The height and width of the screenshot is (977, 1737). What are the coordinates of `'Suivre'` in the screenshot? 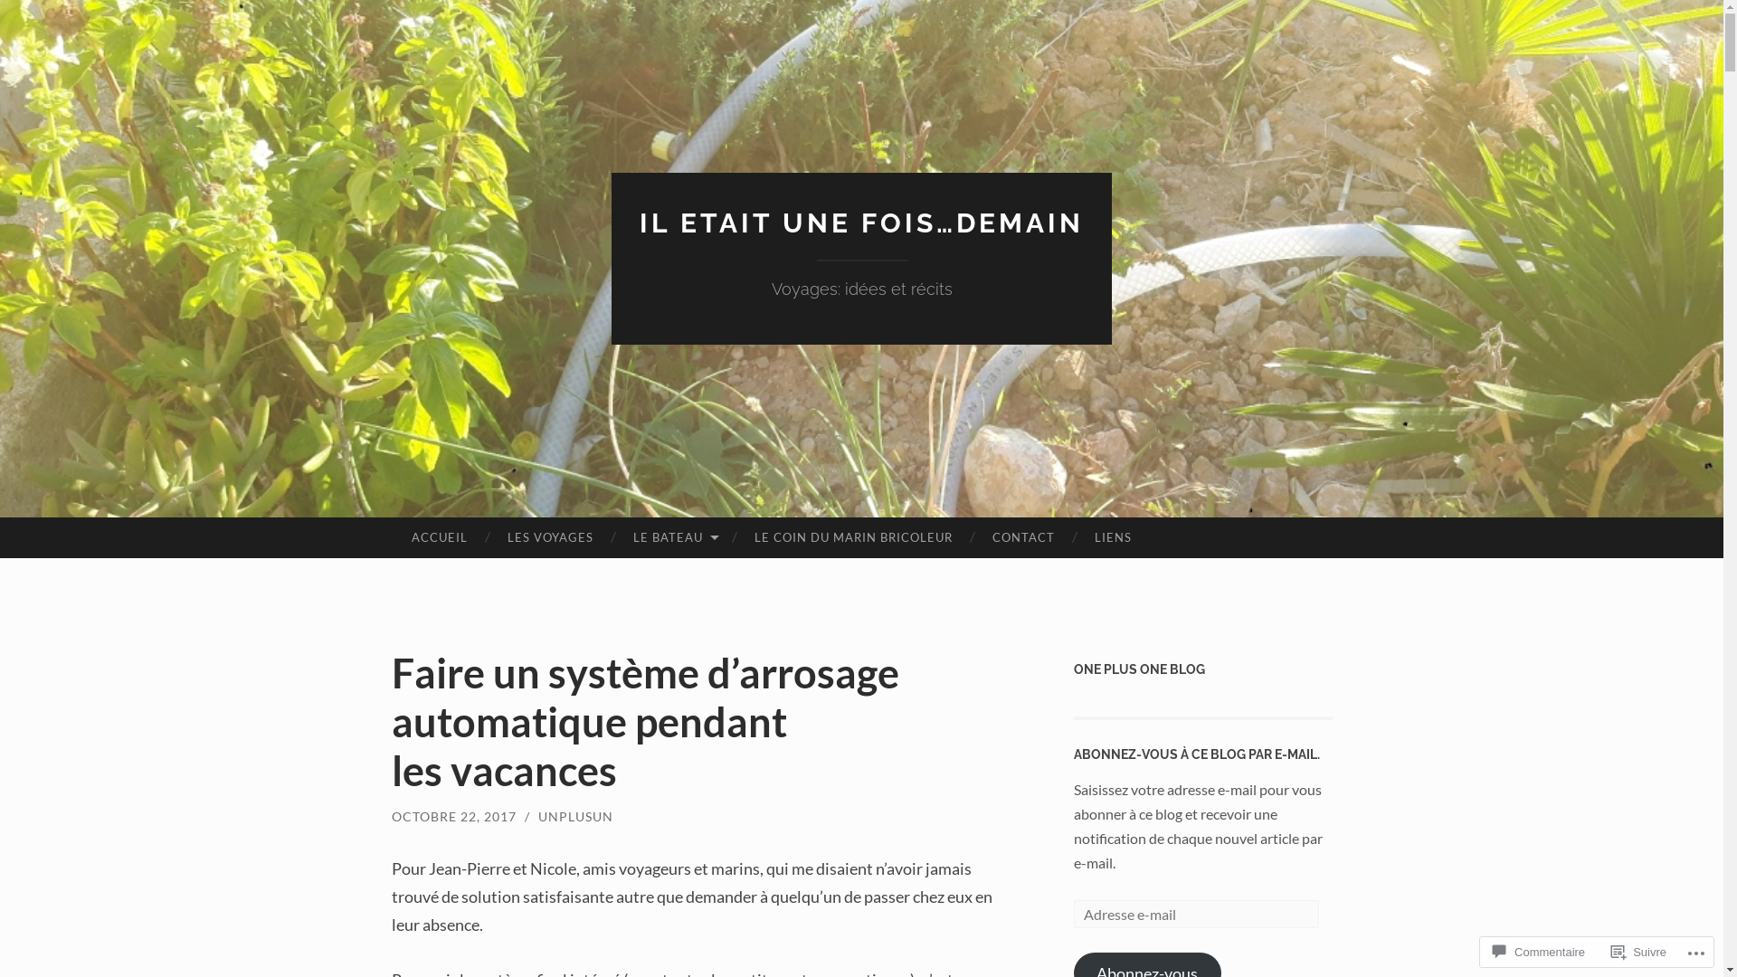 It's located at (1638, 951).